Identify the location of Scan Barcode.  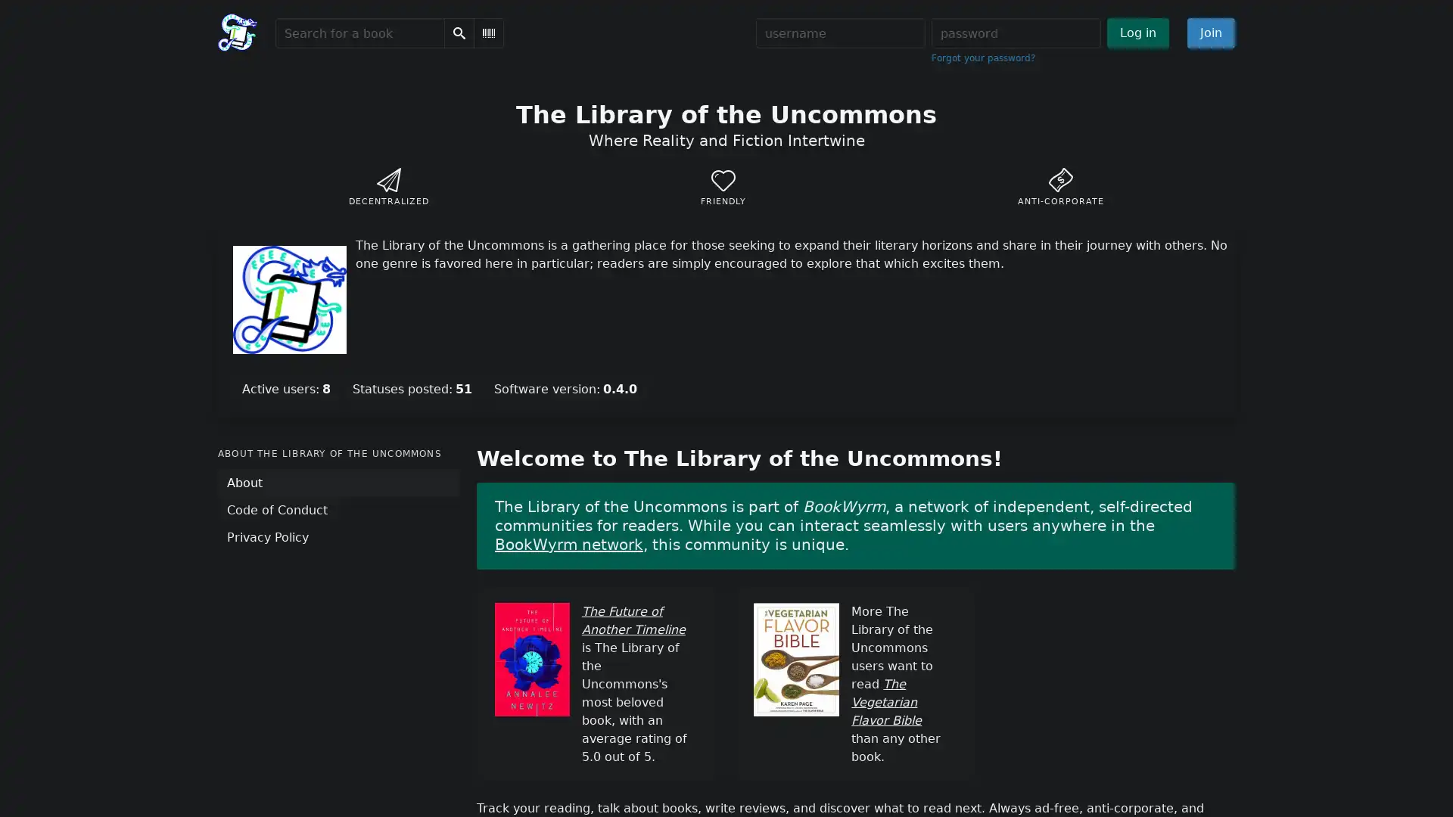
(489, 33).